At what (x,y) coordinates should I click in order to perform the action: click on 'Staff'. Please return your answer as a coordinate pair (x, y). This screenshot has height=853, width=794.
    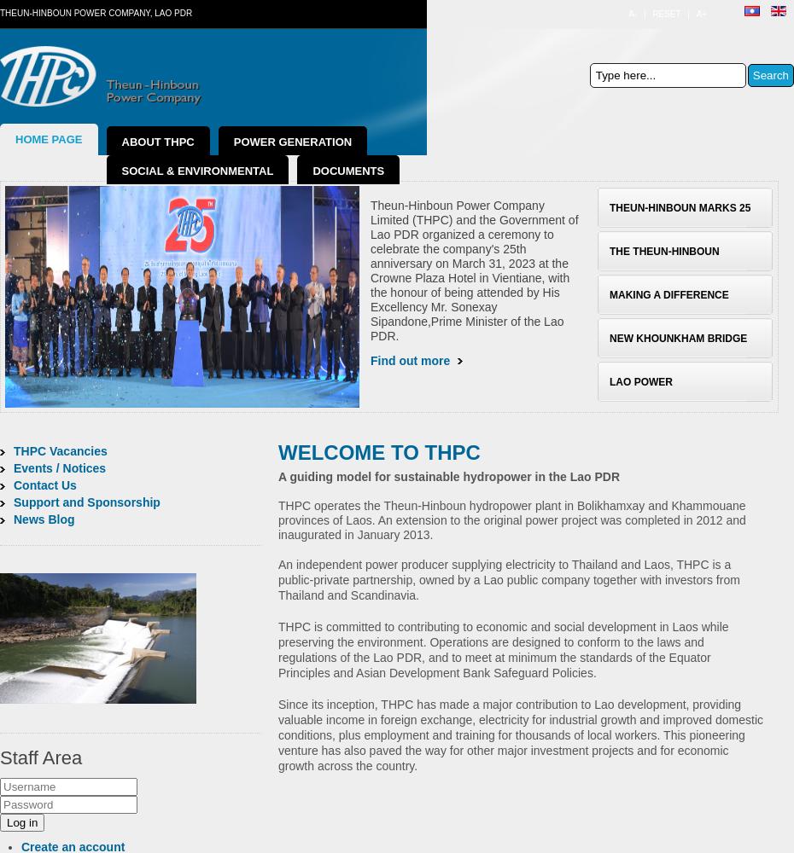
    Looking at the image, I should click on (18, 757).